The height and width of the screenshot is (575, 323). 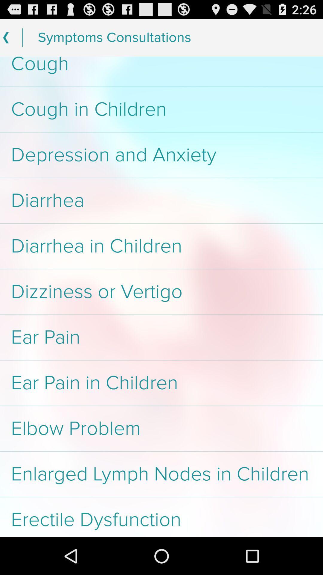 I want to click on item above erectile dysfunction icon, so click(x=161, y=474).